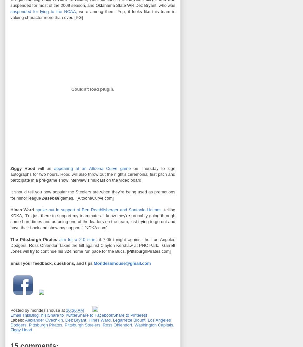 The height and width of the screenshot is (347, 303). I want to click on 'baseball', so click(50, 198).